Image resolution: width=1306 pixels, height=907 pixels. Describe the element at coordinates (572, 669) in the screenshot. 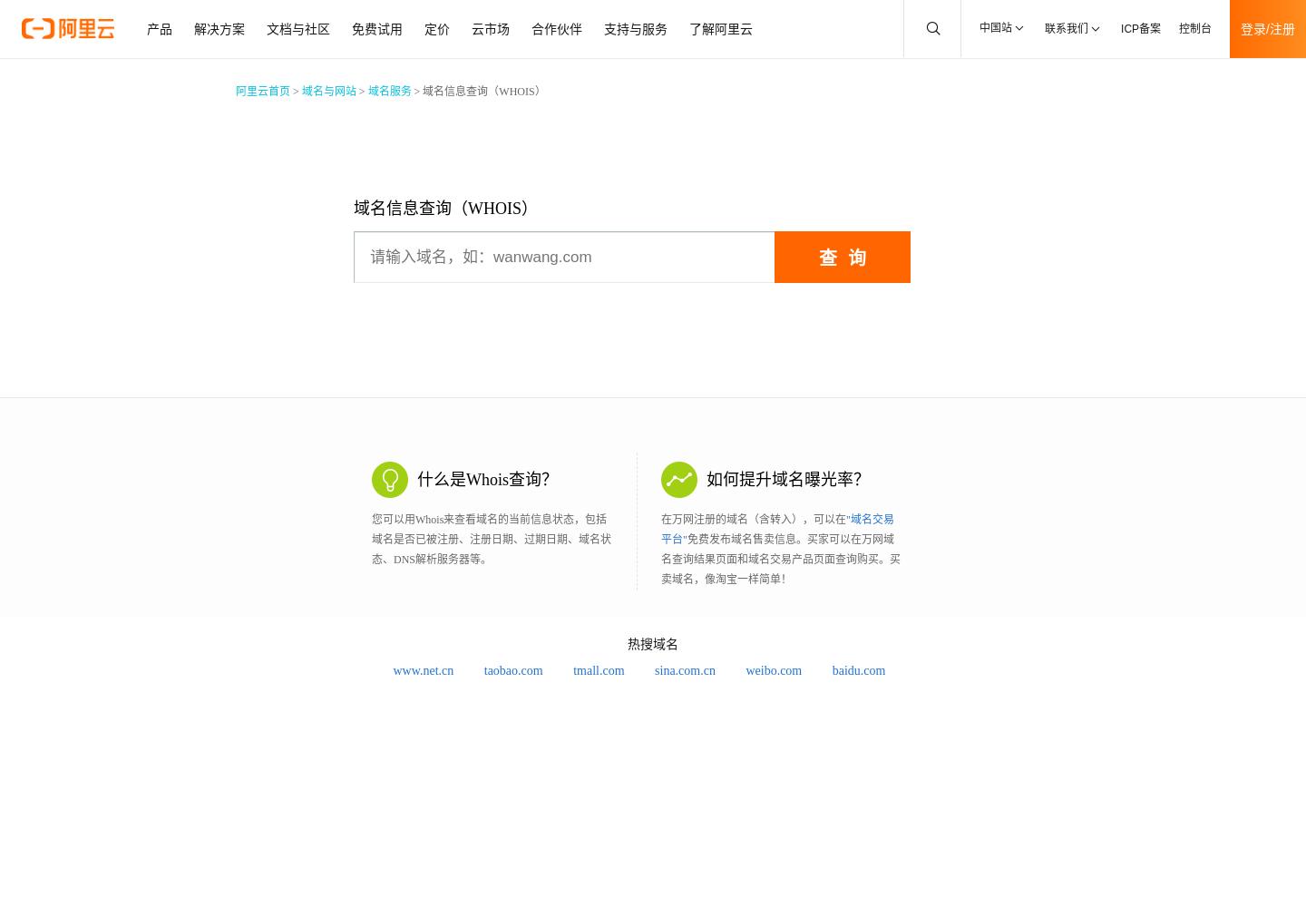

I see `'tmall.com'` at that location.